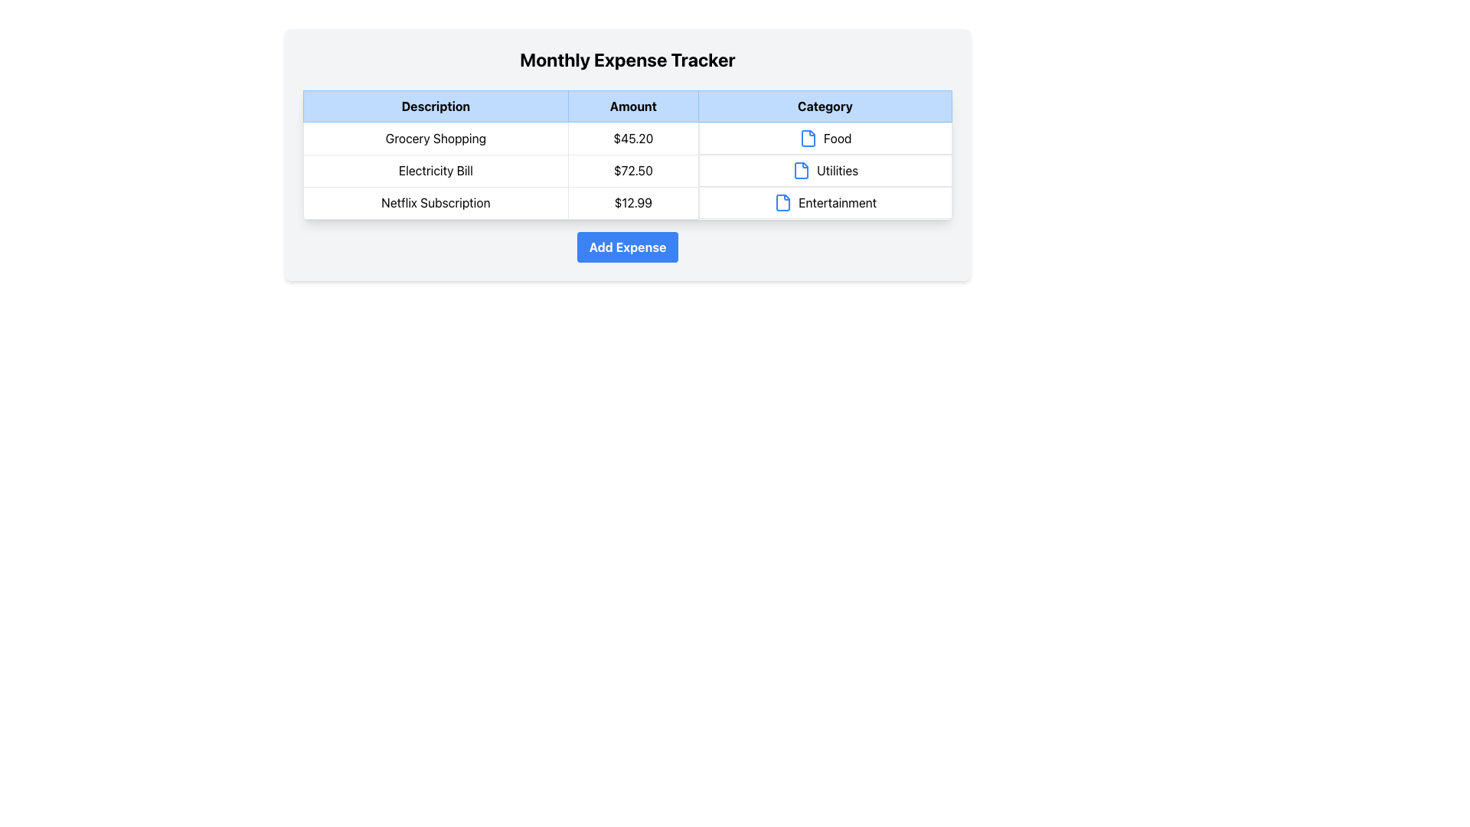 This screenshot has width=1470, height=827. I want to click on the Text label displaying 'Electricity Bill' in the financial tracking table, which is located in the second row under the 'Description' column, so click(435, 171).